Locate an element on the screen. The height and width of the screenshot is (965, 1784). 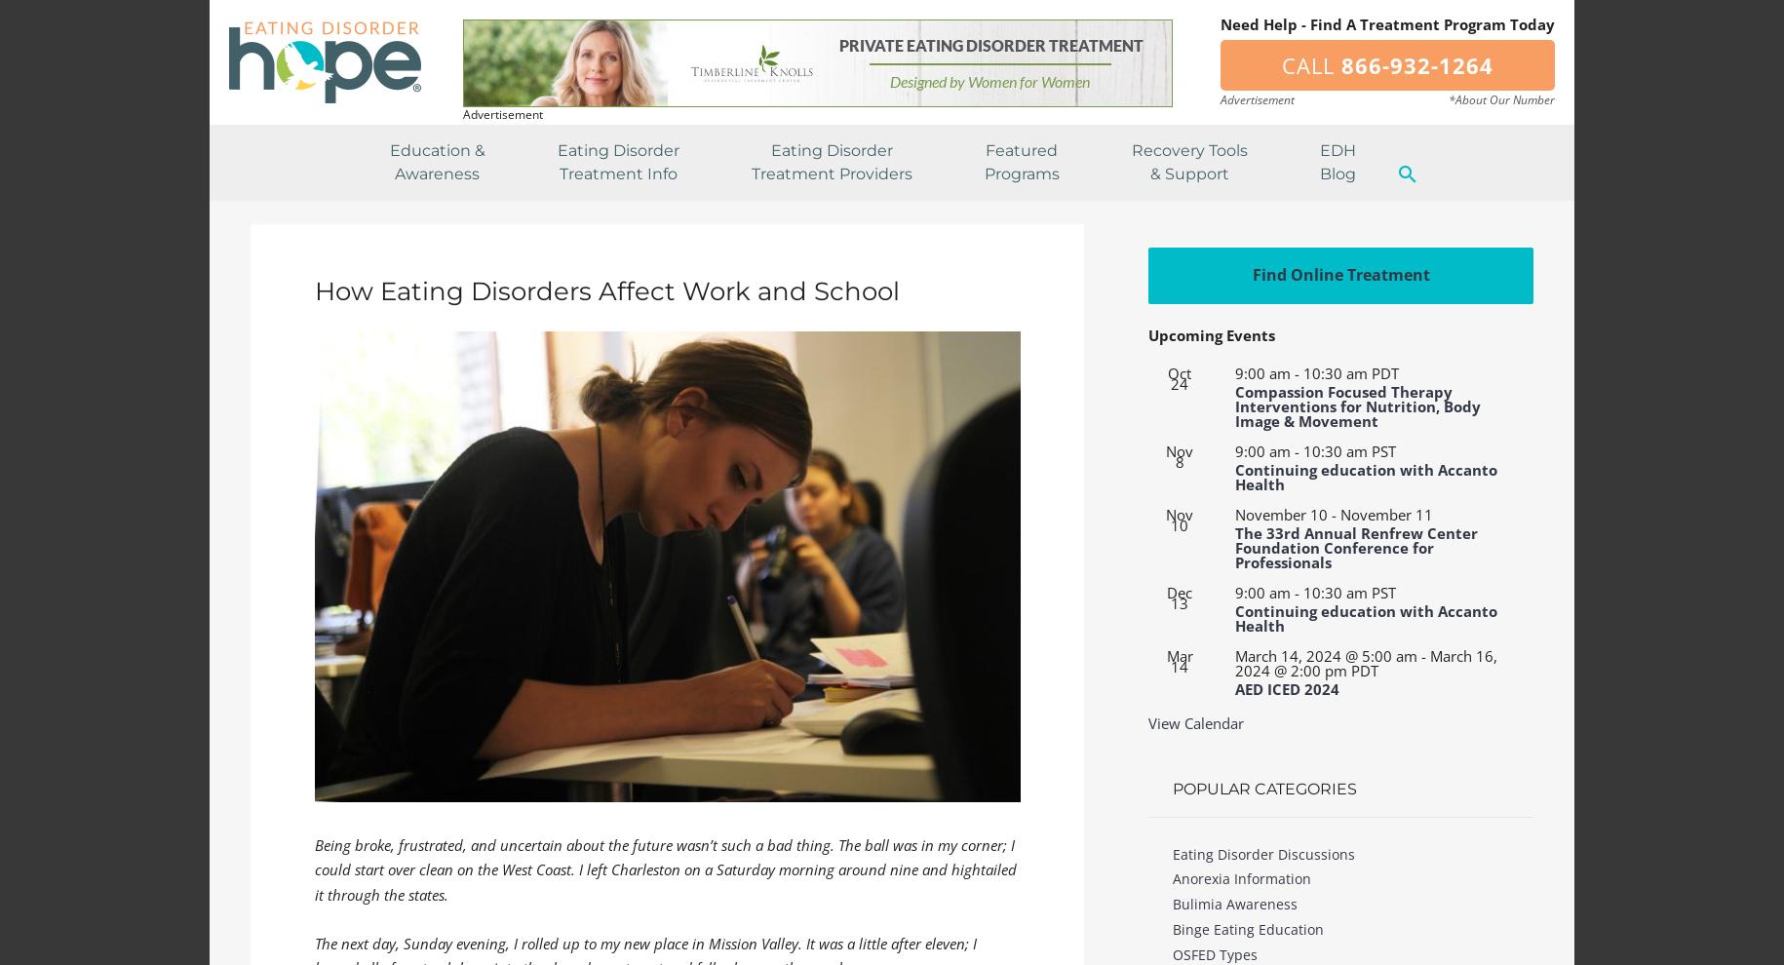
'Dec' is located at coordinates (1179, 590).